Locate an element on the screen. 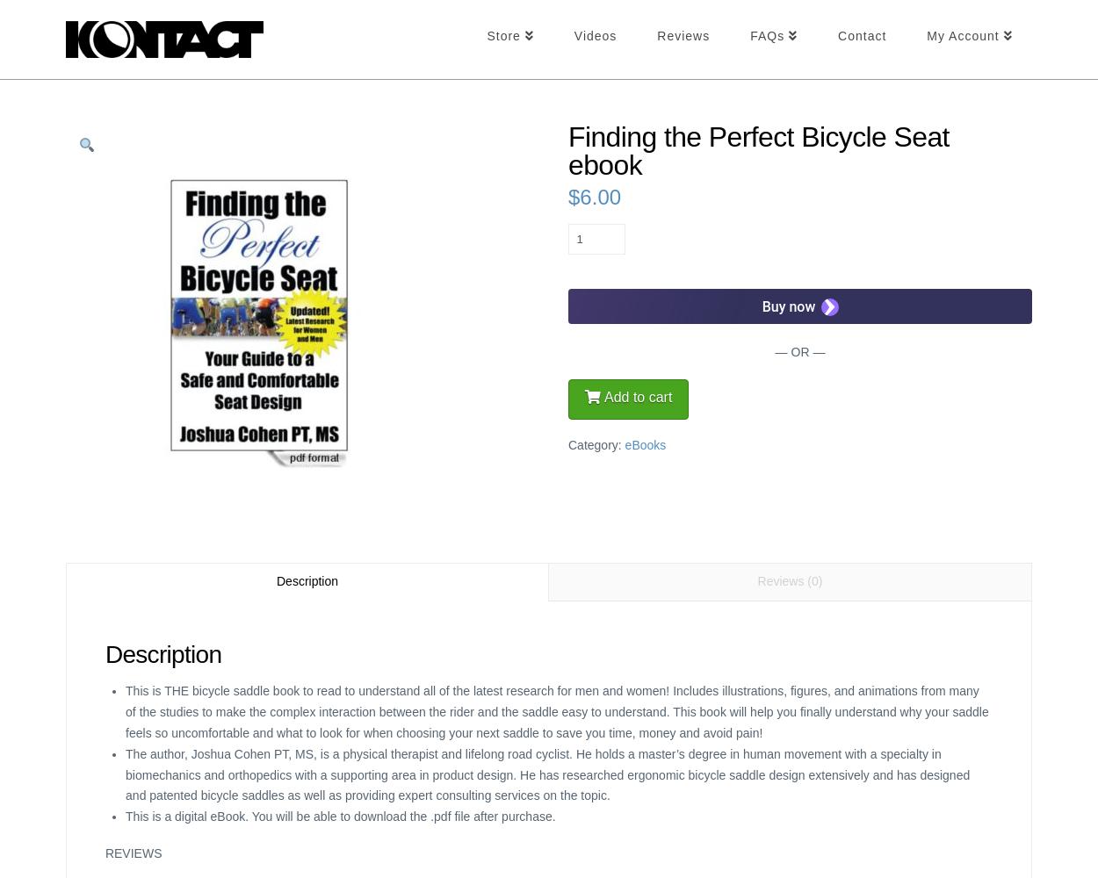  'eBooks' is located at coordinates (644, 445).